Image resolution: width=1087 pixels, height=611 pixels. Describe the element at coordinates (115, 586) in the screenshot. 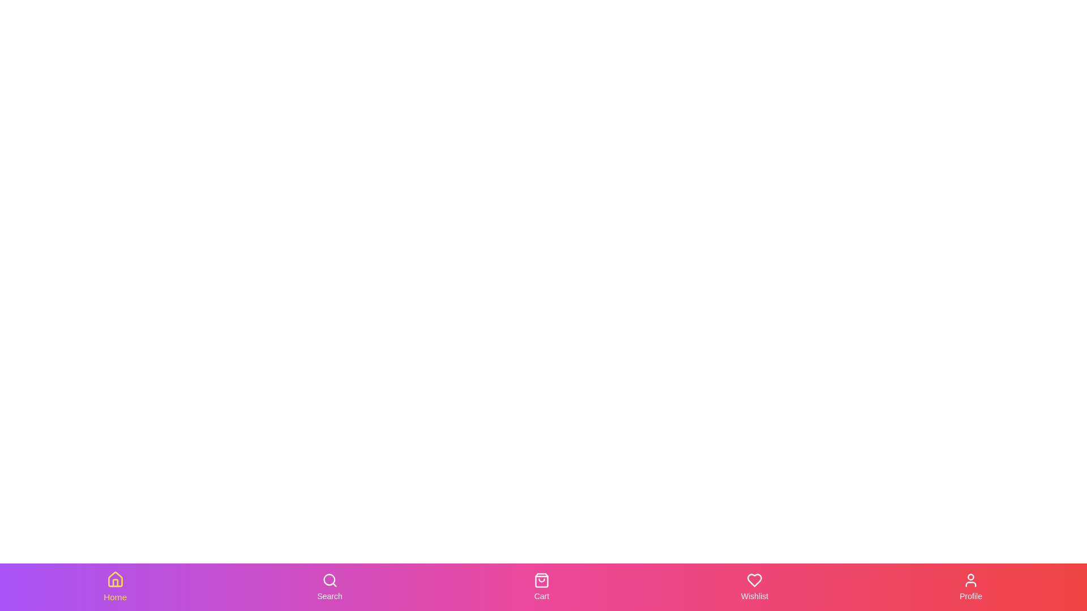

I see `the Home tab in the bottom navigation` at that location.